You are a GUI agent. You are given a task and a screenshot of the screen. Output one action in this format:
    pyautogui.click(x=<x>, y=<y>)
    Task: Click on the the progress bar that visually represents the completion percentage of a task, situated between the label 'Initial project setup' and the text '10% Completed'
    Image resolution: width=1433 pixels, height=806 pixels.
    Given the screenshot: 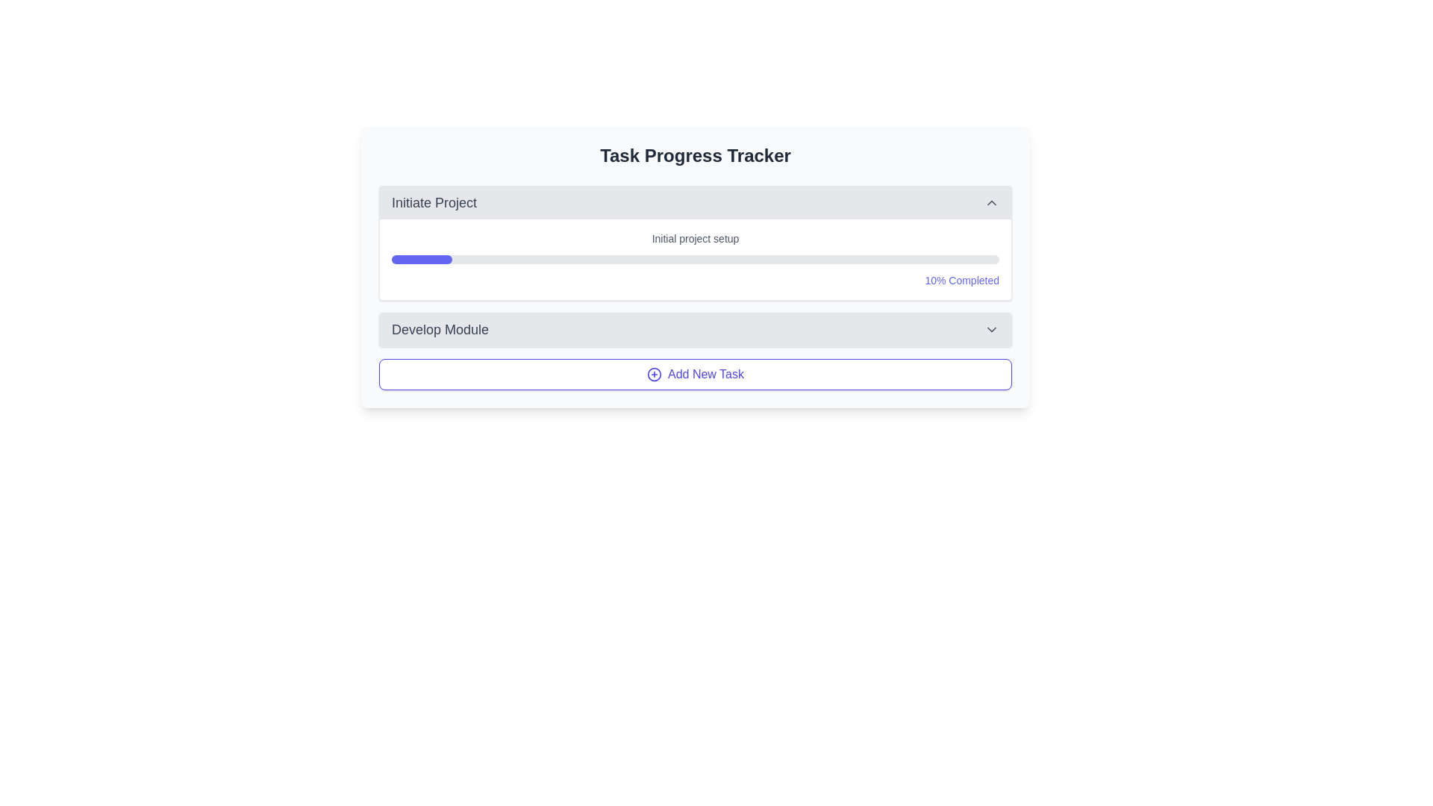 What is the action you would take?
    pyautogui.click(x=694, y=258)
    